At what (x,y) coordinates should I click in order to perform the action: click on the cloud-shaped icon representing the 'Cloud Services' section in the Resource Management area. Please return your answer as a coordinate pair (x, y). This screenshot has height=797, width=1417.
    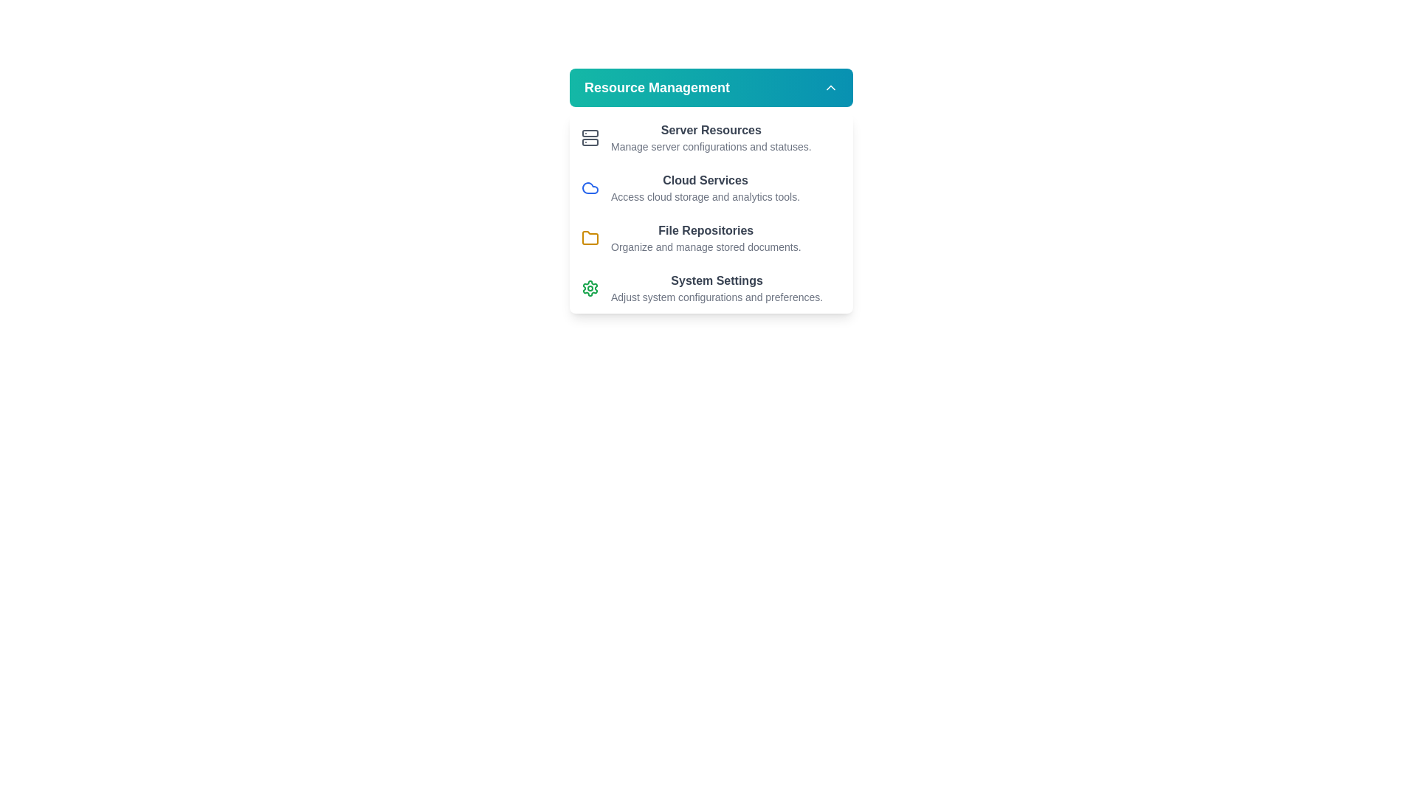
    Looking at the image, I should click on (590, 187).